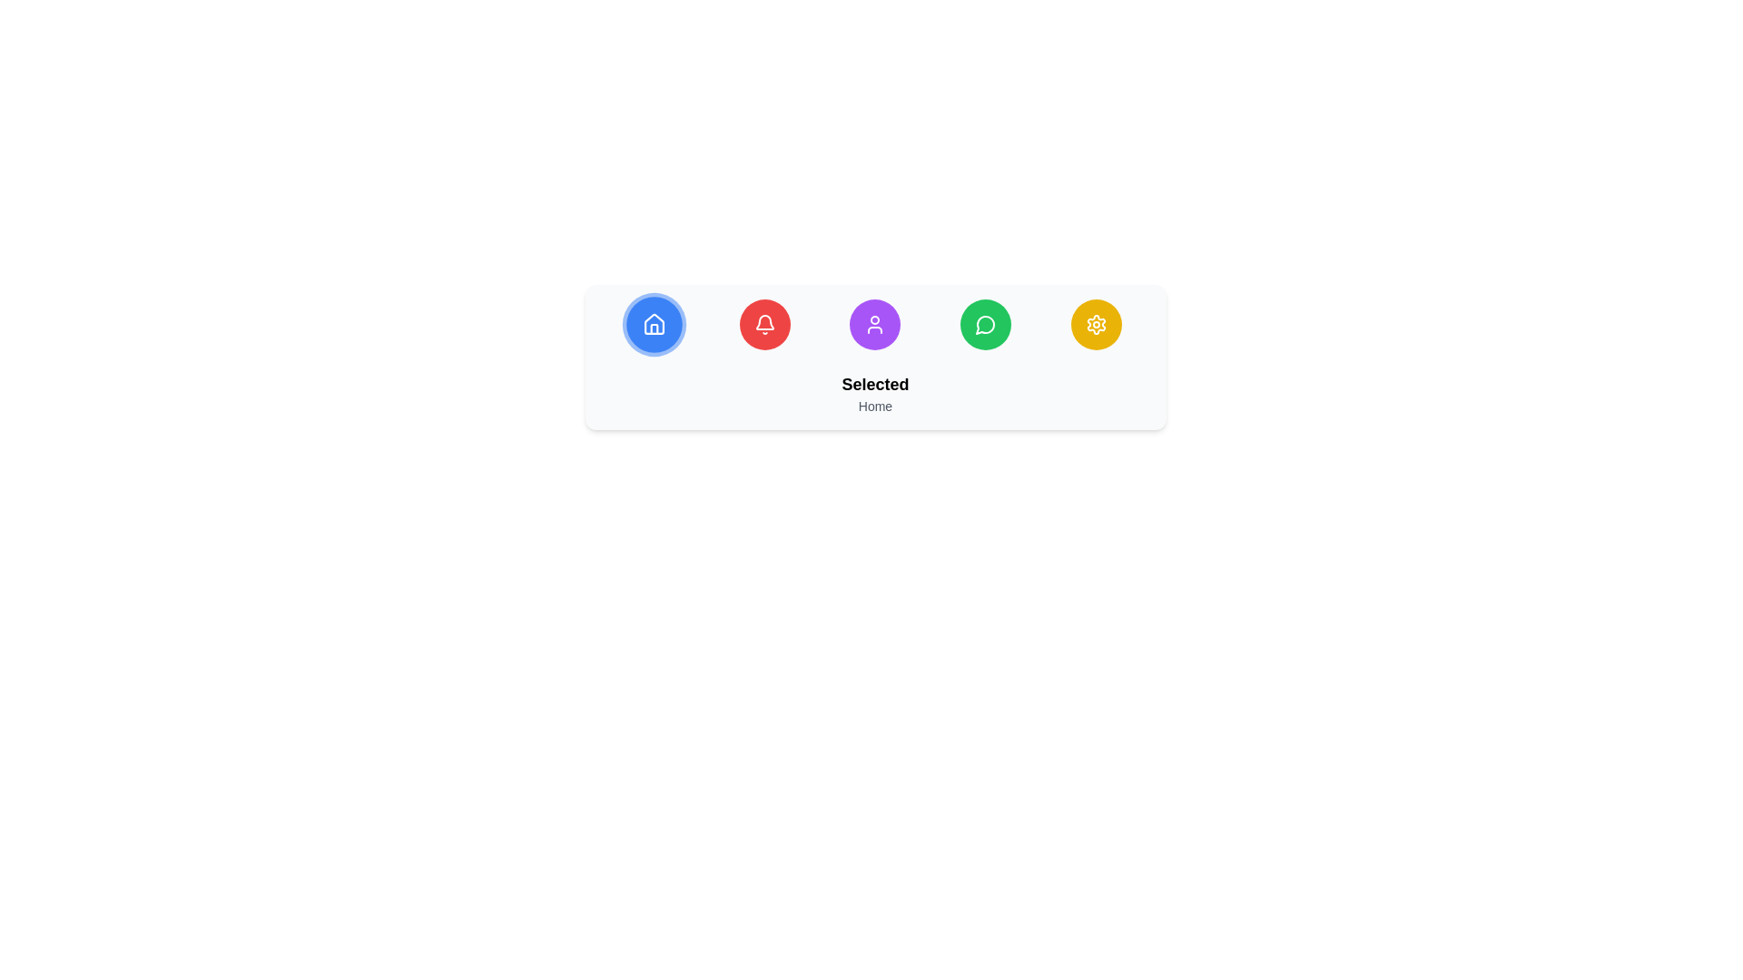  What do you see at coordinates (1095, 324) in the screenshot?
I see `the circular button with a yellow background and a white gear icon, which is the last button on the right in a horizontal navigation bar` at bounding box center [1095, 324].